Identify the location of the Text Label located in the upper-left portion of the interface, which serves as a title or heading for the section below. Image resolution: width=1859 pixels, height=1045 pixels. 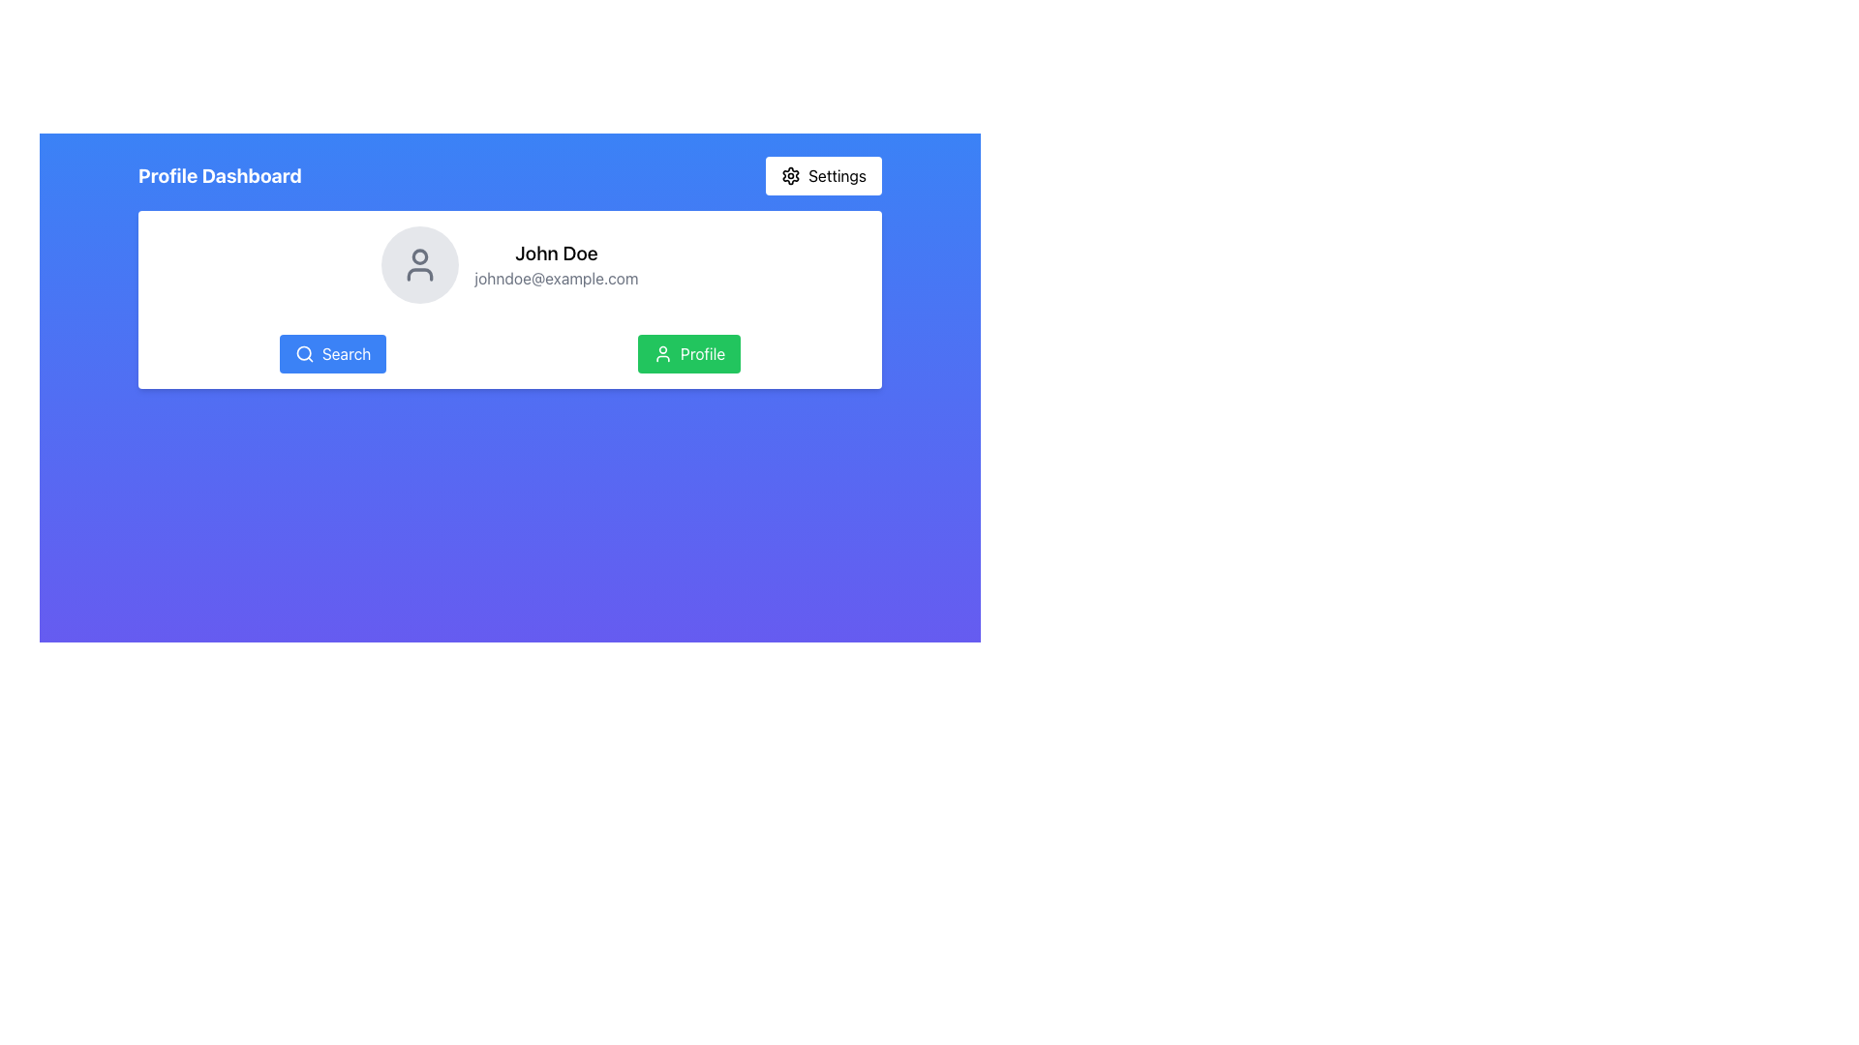
(220, 175).